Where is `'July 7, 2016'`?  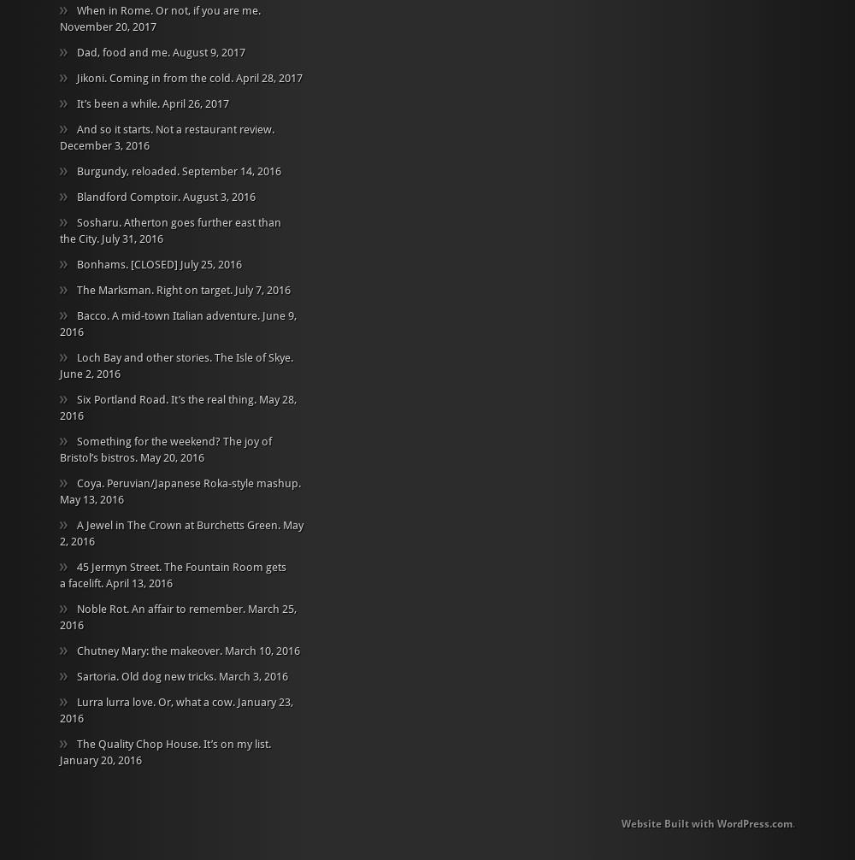 'July 7, 2016' is located at coordinates (262, 288).